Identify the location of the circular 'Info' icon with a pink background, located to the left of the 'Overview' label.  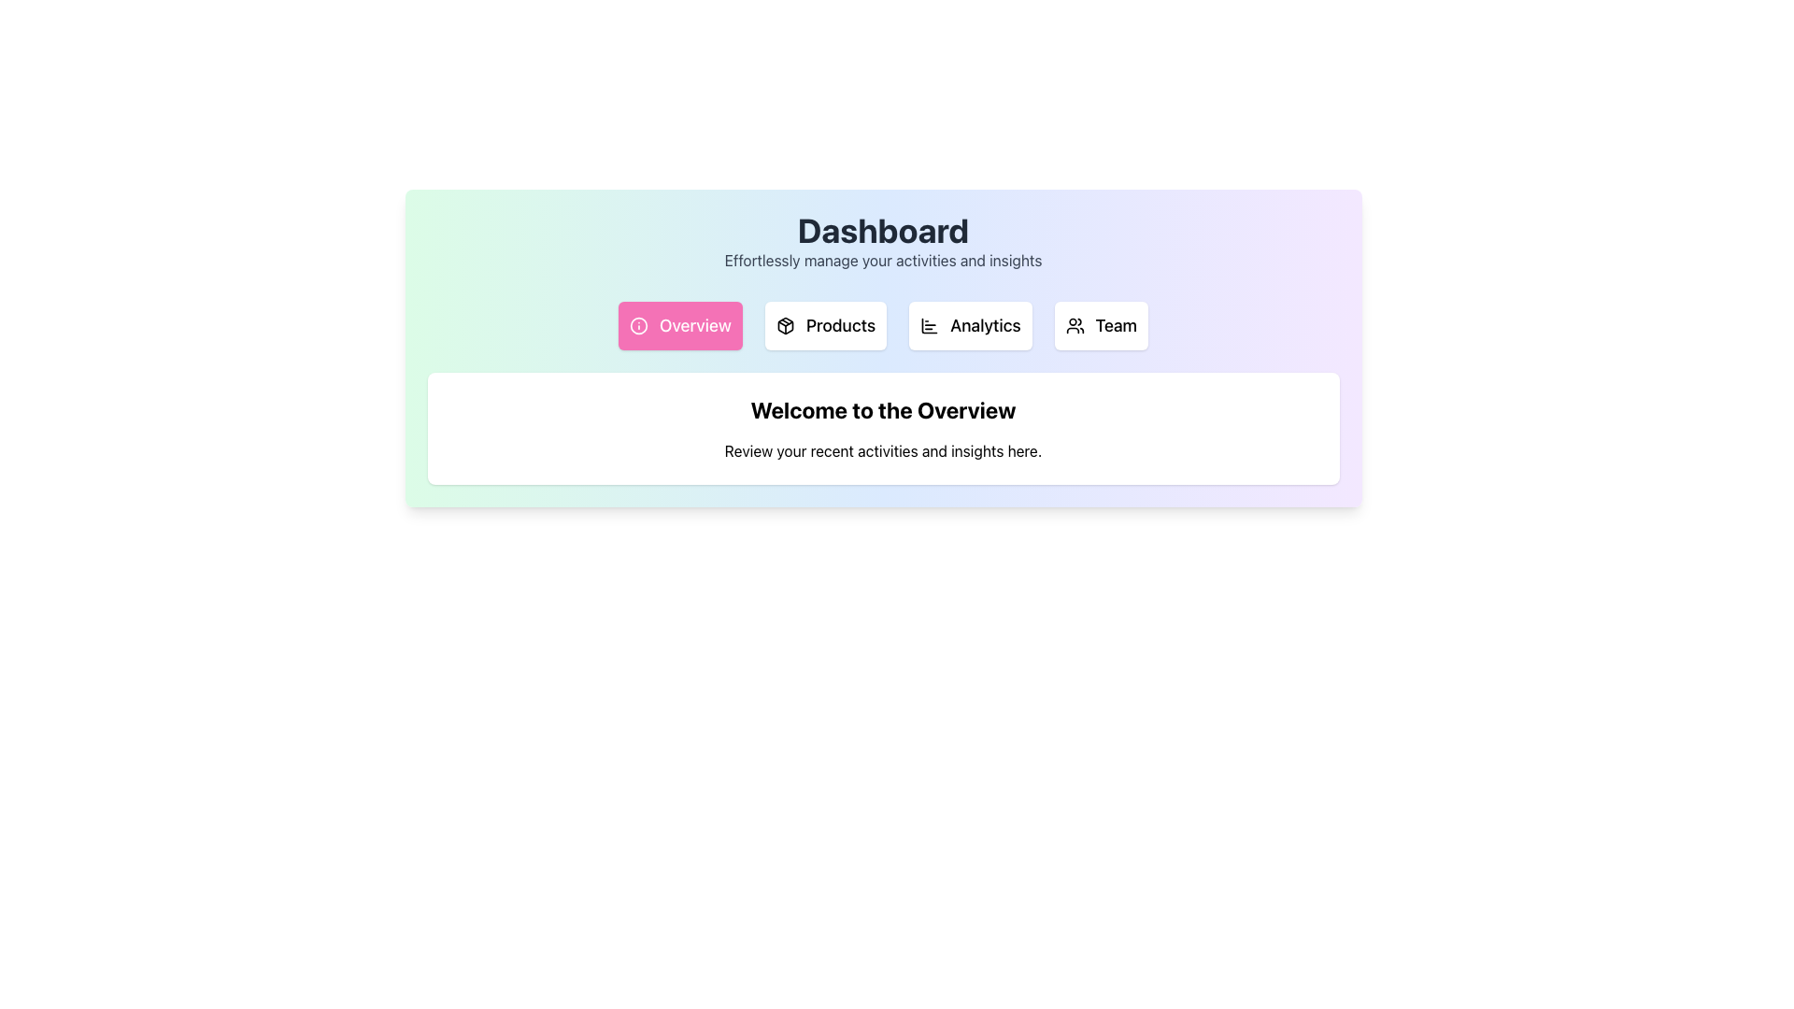
(638, 324).